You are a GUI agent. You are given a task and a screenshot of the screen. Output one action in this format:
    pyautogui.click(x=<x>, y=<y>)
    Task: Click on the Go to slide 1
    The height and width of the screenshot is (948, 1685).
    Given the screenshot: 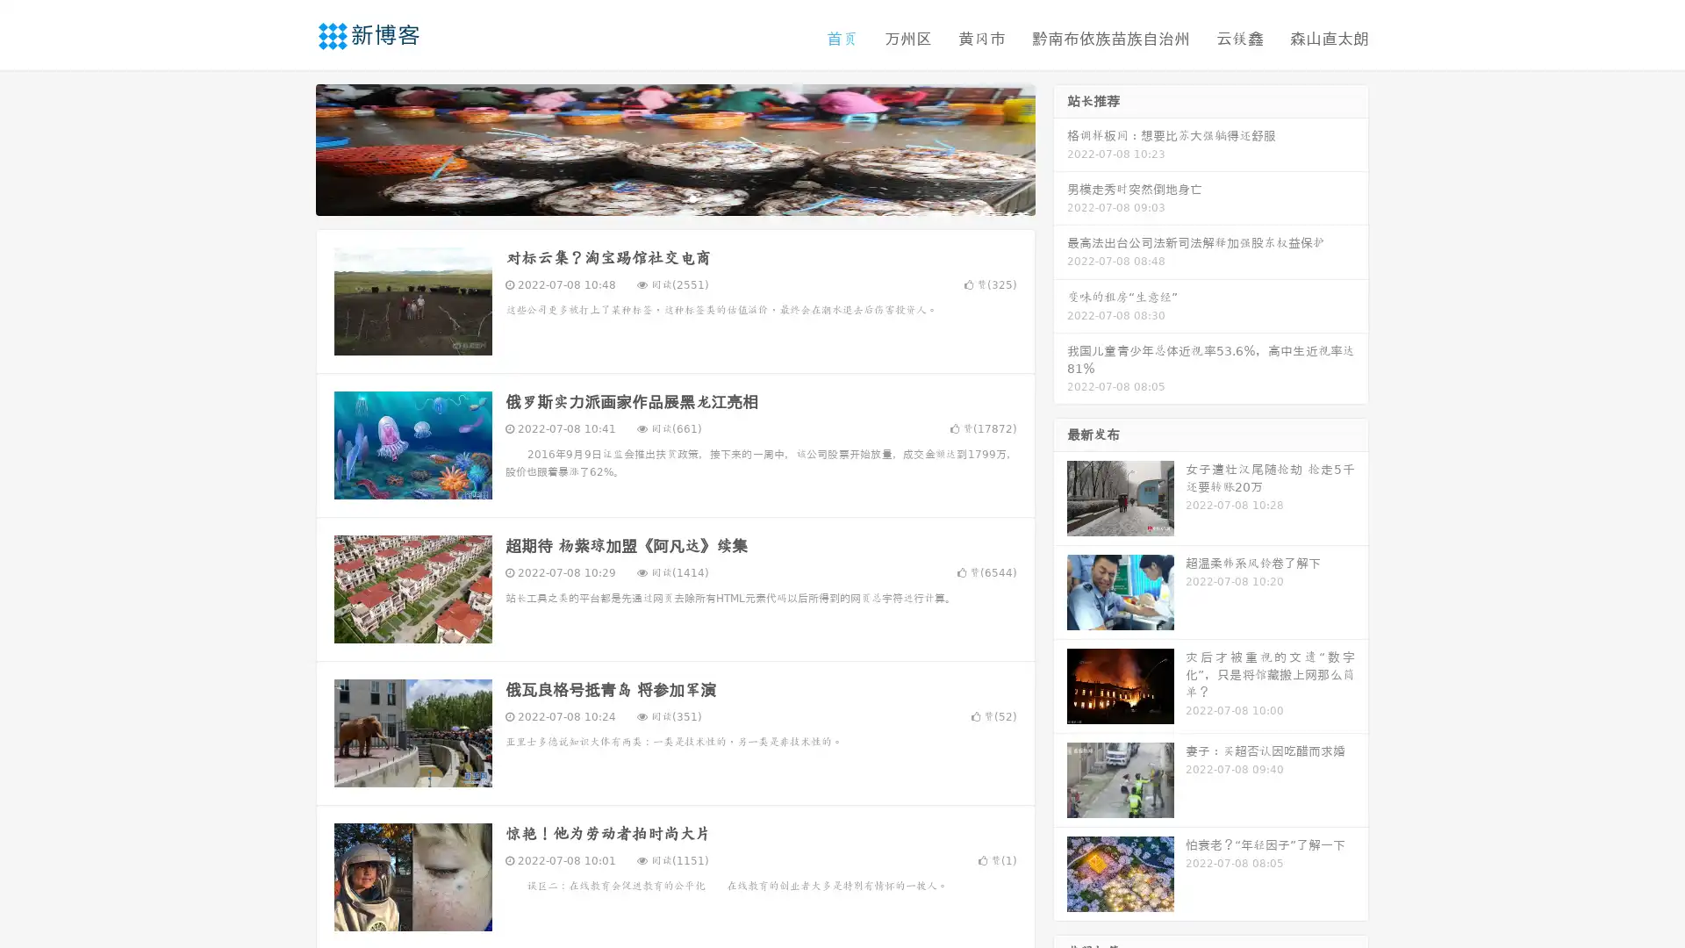 What is the action you would take?
    pyautogui.click(x=656, y=197)
    